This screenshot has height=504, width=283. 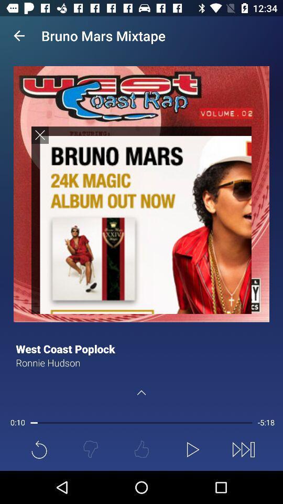 What do you see at coordinates (90, 449) in the screenshot?
I see `dislike` at bounding box center [90, 449].